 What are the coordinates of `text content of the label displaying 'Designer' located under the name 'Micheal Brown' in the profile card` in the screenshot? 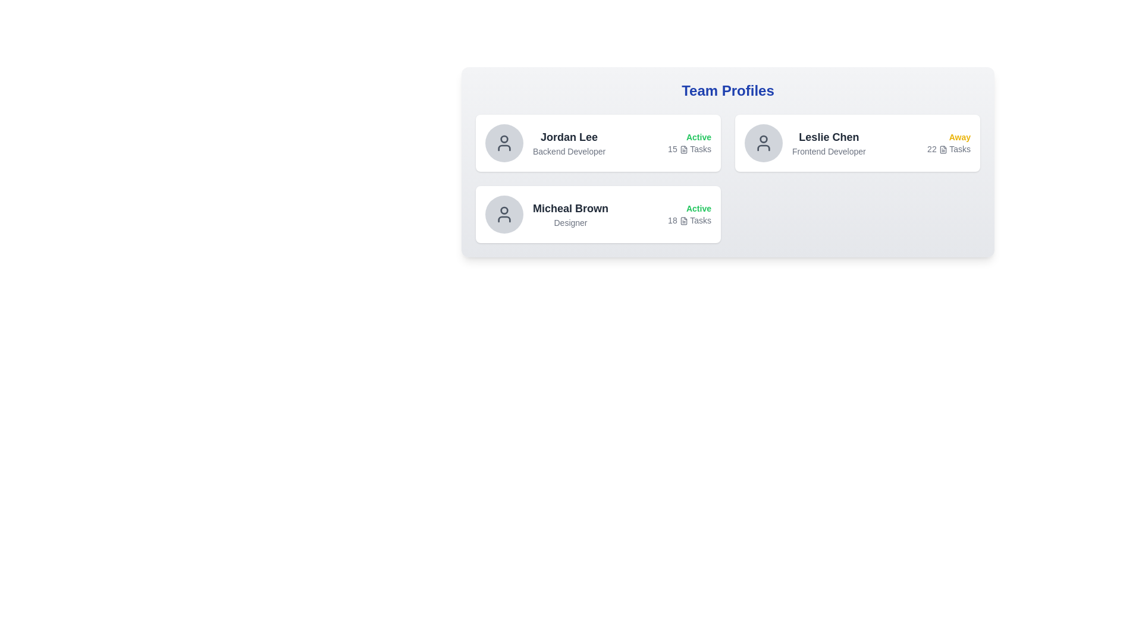 It's located at (570, 222).